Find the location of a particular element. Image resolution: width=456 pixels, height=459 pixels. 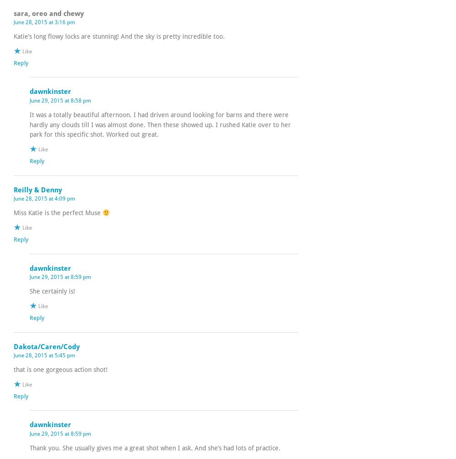

'It was a totally beautiful afternoon.  I had driven around looking for barns and there were hardly any clouds till I was almost done.  Then these showed up.  I rushed Katie over to her park for this specific shot.  Worked out great.' is located at coordinates (29, 124).